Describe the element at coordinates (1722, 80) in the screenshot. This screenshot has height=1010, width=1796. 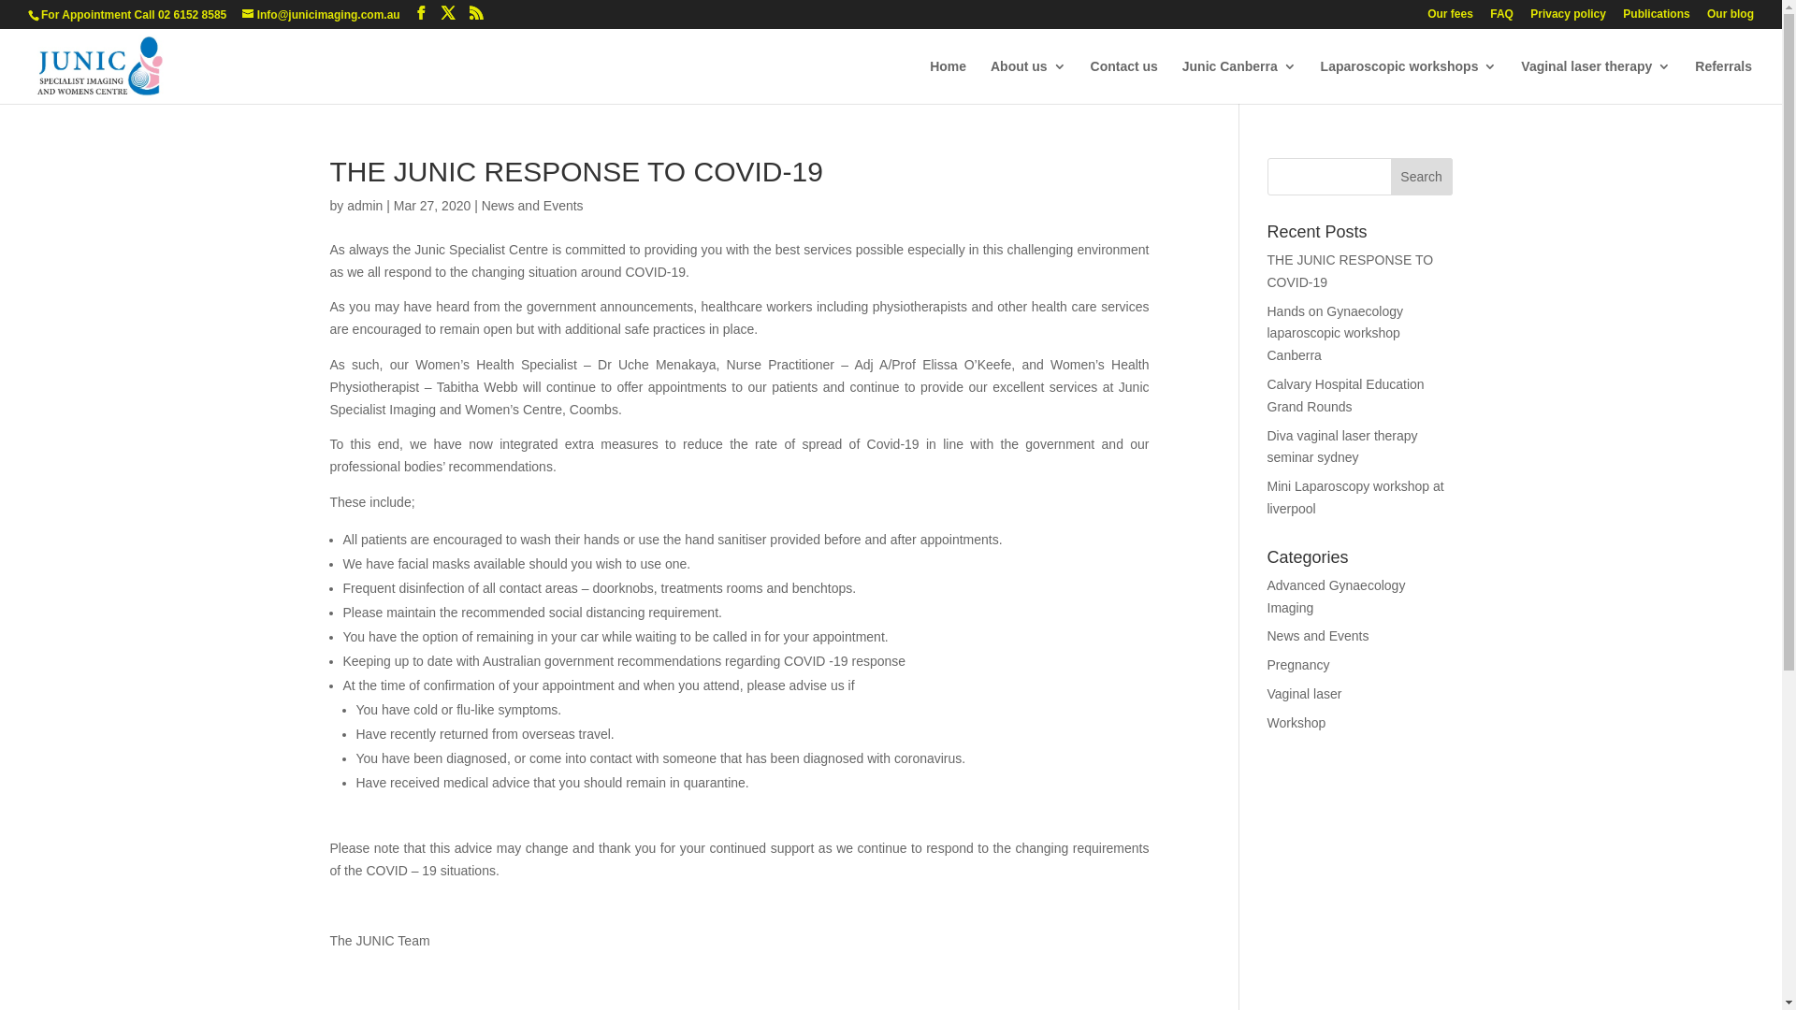
I see `'Referrals'` at that location.